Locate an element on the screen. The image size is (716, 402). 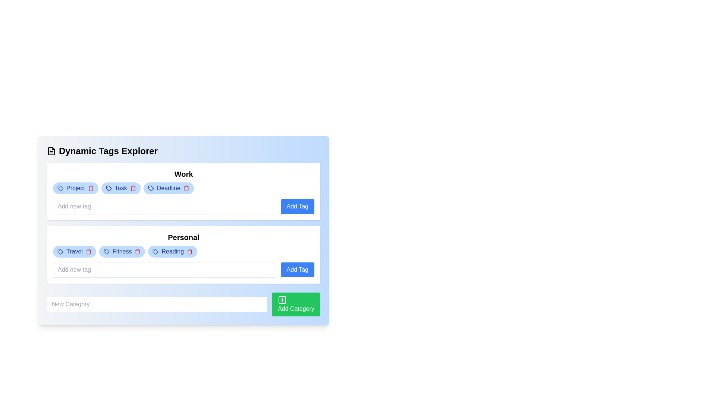
the 'Project' badge located in the top-left corner of the 'Work' section under the title 'Dynamic Tags Explorer', which serves as a visual tag or badge is located at coordinates (75, 188).